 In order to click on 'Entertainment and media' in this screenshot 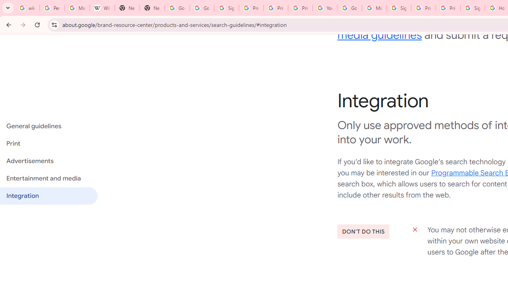, I will do `click(48, 179)`.